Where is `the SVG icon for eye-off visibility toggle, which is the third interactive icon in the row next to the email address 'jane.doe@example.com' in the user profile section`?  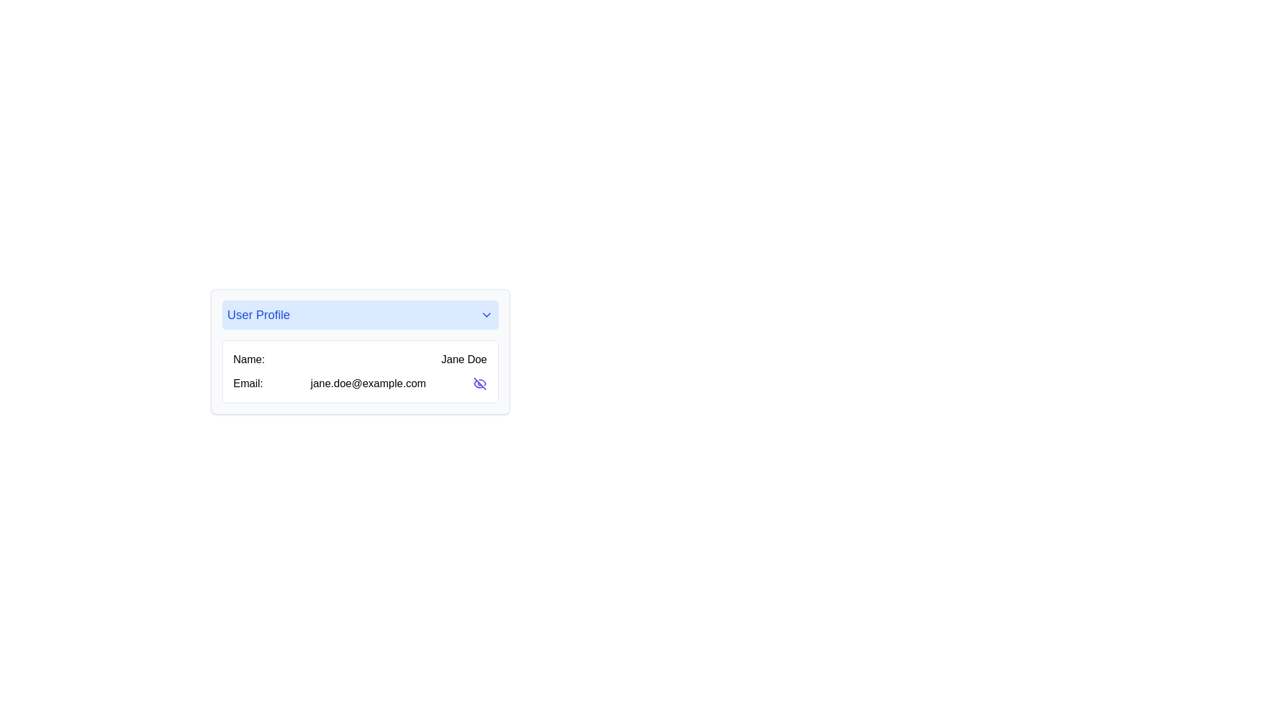
the SVG icon for eye-off visibility toggle, which is the third interactive icon in the row next to the email address 'jane.doe@example.com' in the user profile section is located at coordinates (480, 383).